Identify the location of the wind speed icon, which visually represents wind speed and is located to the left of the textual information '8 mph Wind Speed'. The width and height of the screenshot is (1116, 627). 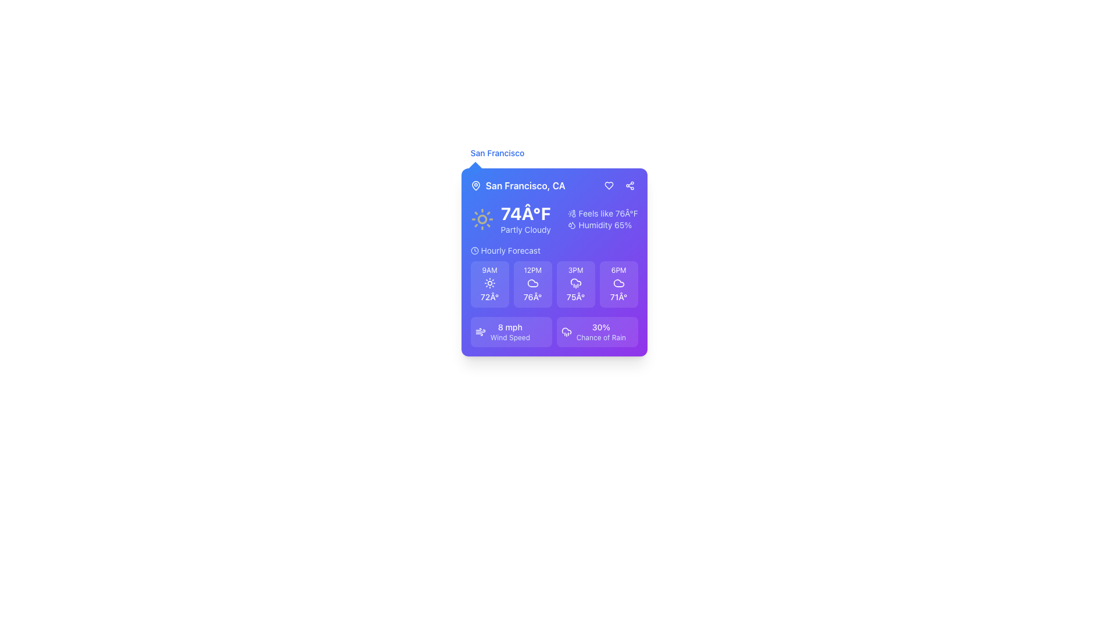
(480, 331).